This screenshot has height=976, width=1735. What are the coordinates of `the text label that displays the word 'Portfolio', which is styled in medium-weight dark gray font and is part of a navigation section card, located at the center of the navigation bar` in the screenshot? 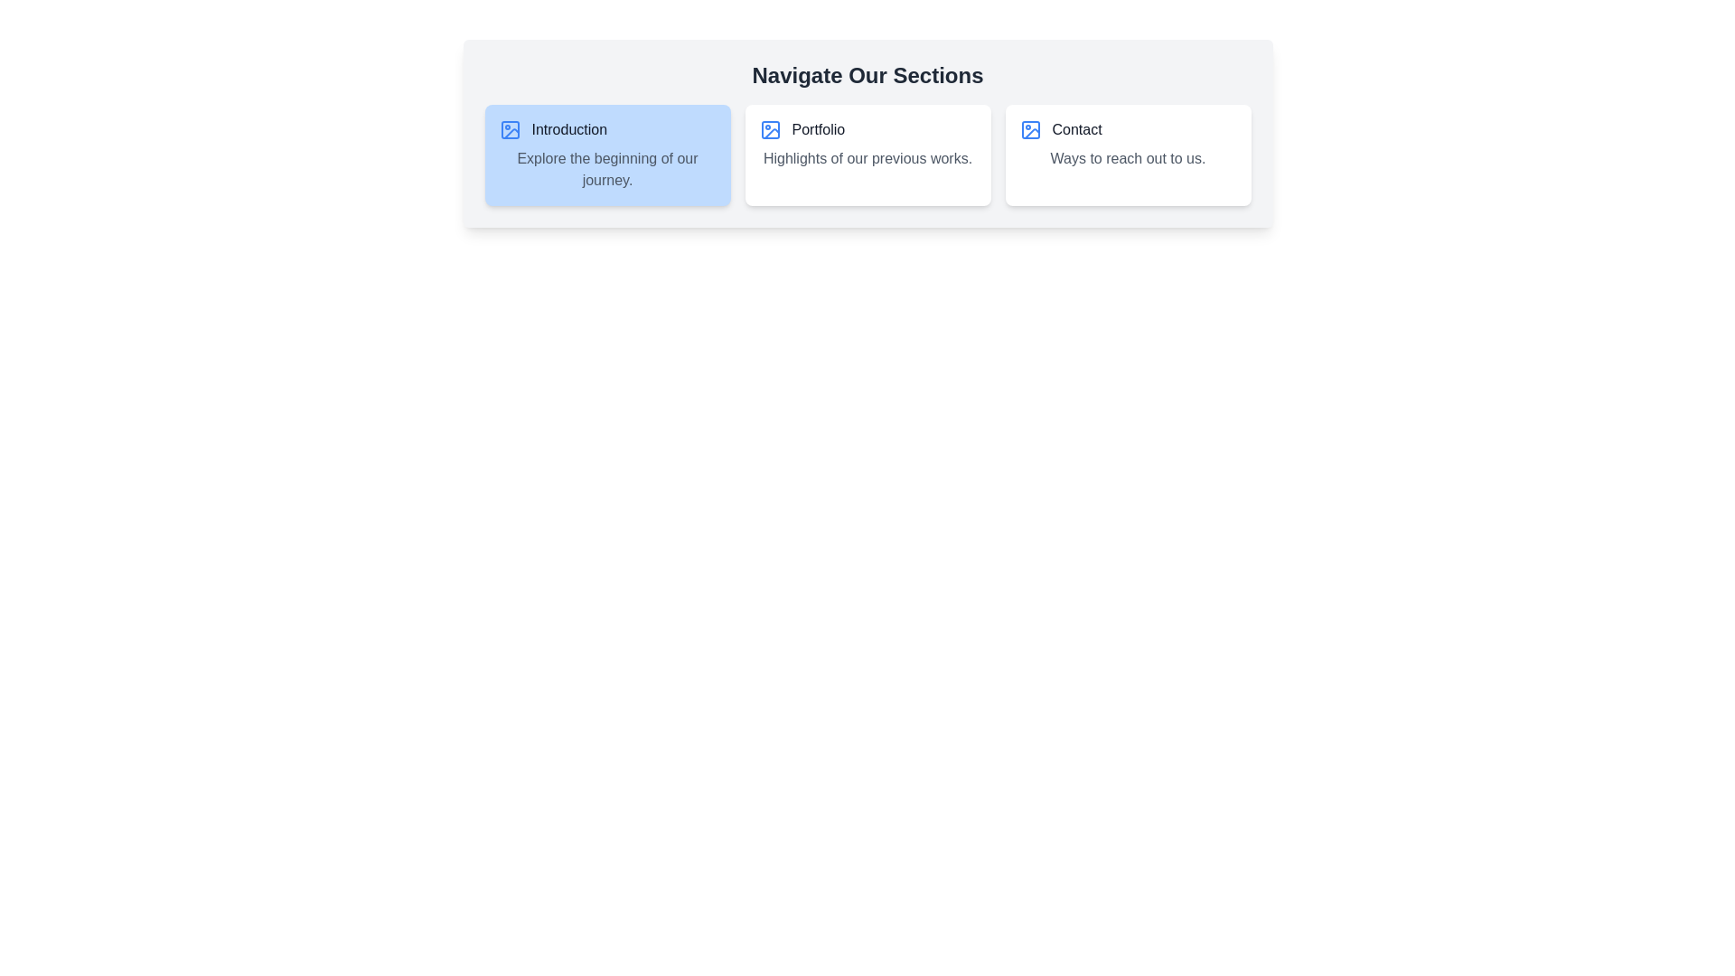 It's located at (817, 128).